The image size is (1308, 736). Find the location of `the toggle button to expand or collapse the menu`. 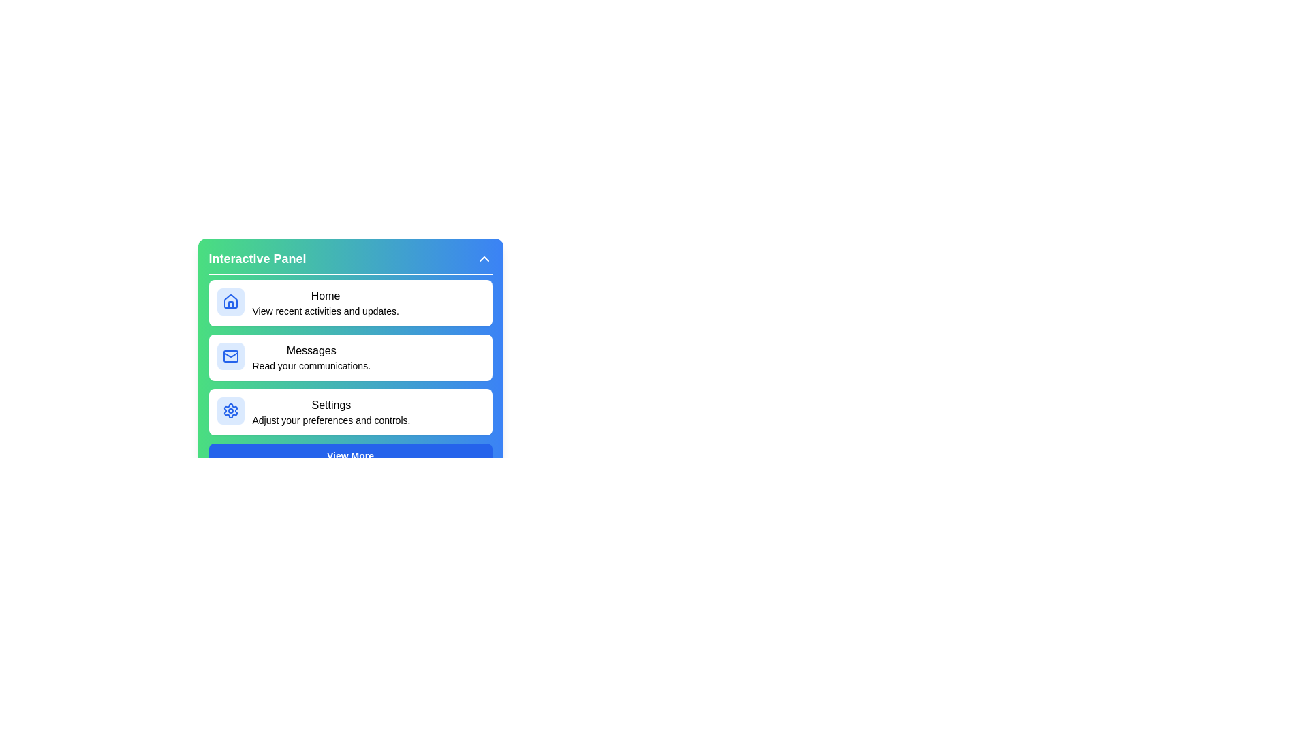

the toggle button to expand or collapse the menu is located at coordinates (484, 259).